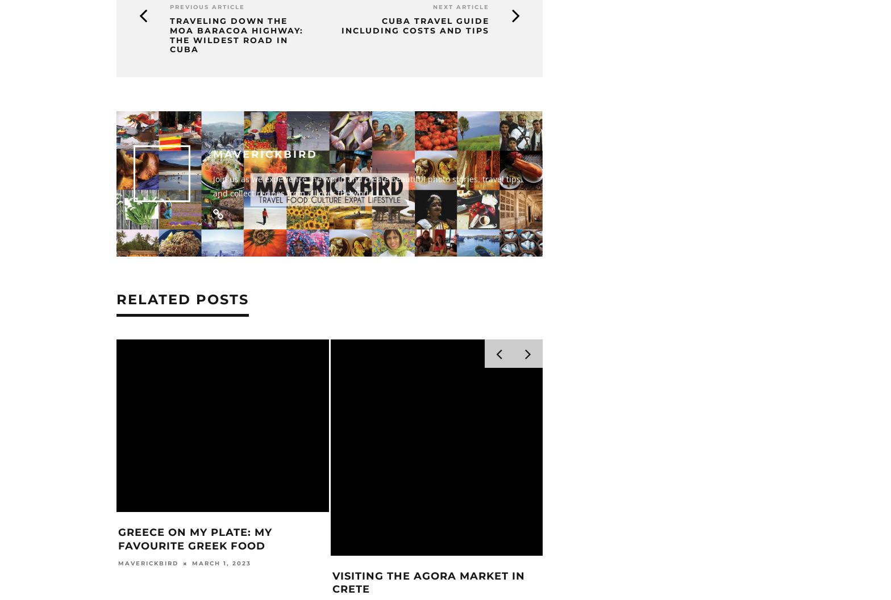 The image size is (891, 600). What do you see at coordinates (368, 190) in the screenshot?
I see `'Join us as we experience the world and create beautiful photo stories, travel tips, and collect recipes from all over the world.'` at bounding box center [368, 190].